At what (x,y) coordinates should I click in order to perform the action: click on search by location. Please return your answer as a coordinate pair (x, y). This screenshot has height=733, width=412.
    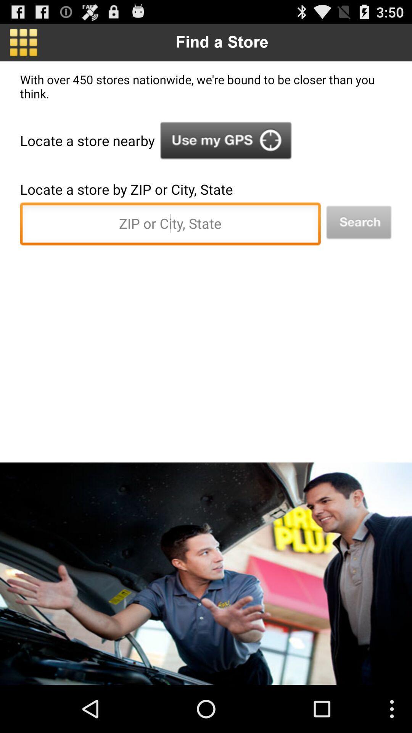
    Looking at the image, I should click on (359, 222).